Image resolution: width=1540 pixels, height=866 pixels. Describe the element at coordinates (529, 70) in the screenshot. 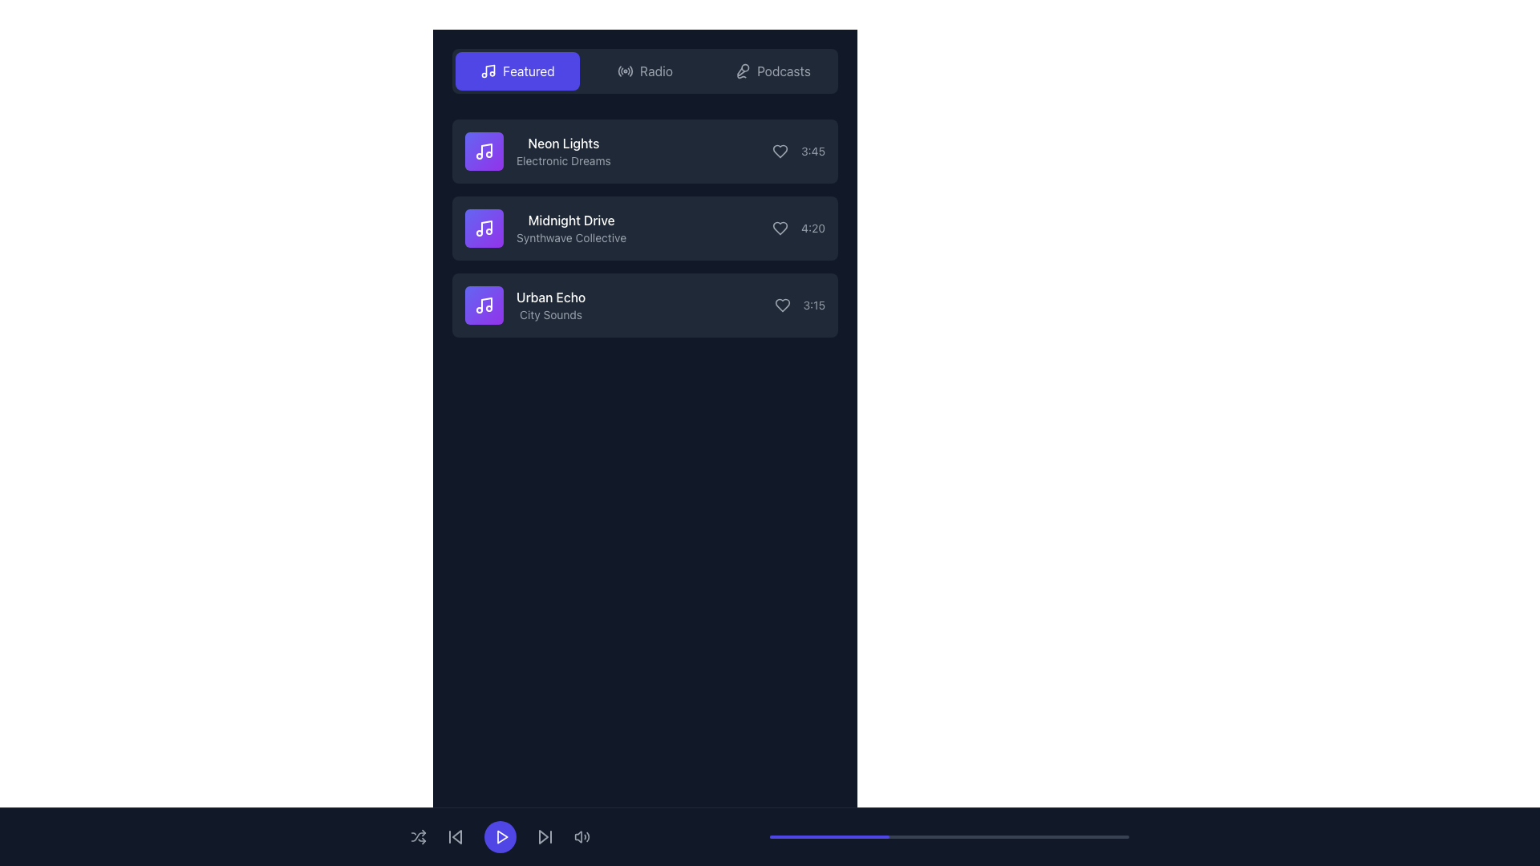

I see `the text label indicating the currently active tab or section, located within the first blue rectangular button in the top-left corner of the main content area, next to a music icon` at that location.